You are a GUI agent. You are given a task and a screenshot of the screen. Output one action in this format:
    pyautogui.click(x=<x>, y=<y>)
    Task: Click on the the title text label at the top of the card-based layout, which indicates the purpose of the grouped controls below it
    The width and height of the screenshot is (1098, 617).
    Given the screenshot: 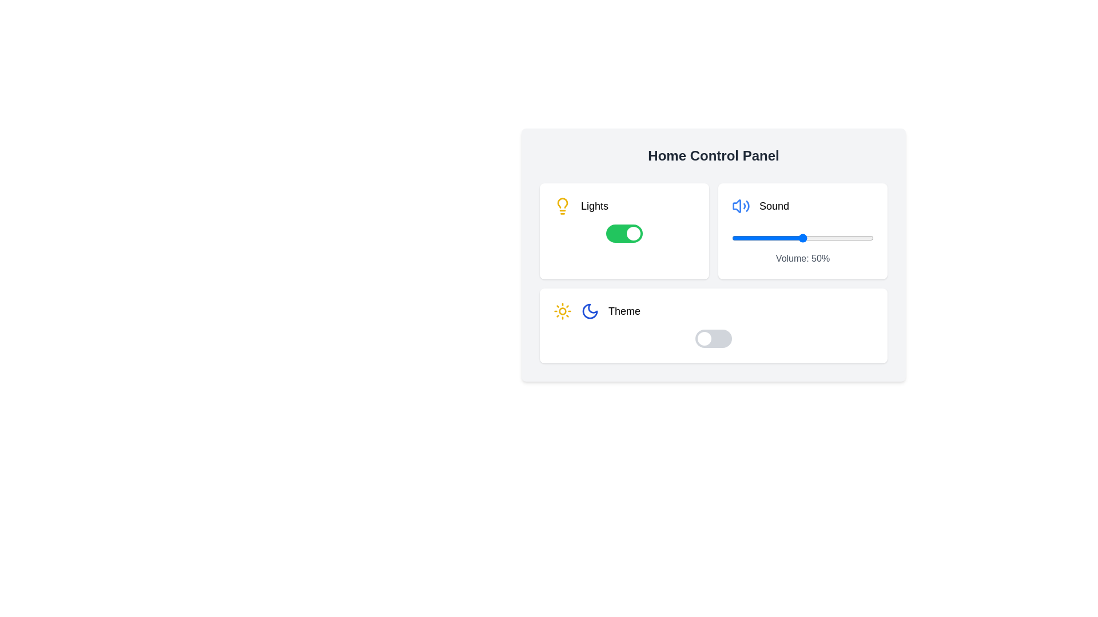 What is the action you would take?
    pyautogui.click(x=713, y=156)
    